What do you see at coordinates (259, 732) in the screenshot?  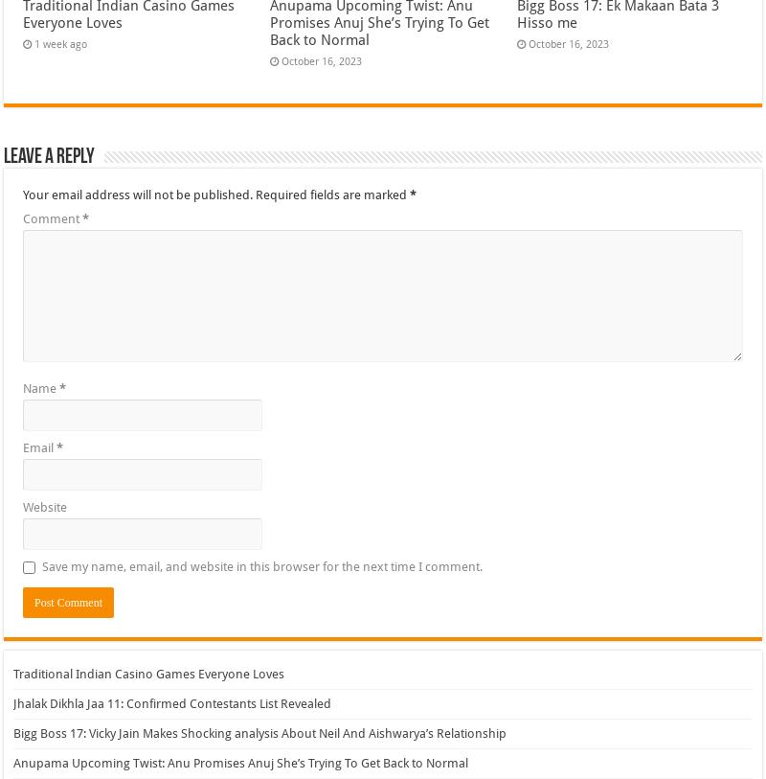 I see `'Bigg Boss 17: Vicky Jain Makes Shocking analysis About Neil And Aishwarya’s Relationship'` at bounding box center [259, 732].